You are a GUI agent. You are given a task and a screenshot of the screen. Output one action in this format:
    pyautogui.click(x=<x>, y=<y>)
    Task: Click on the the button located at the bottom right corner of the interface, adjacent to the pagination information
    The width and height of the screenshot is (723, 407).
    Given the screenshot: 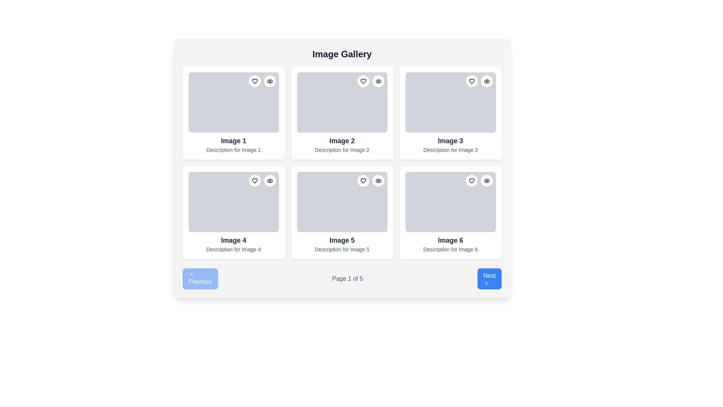 What is the action you would take?
    pyautogui.click(x=490, y=279)
    